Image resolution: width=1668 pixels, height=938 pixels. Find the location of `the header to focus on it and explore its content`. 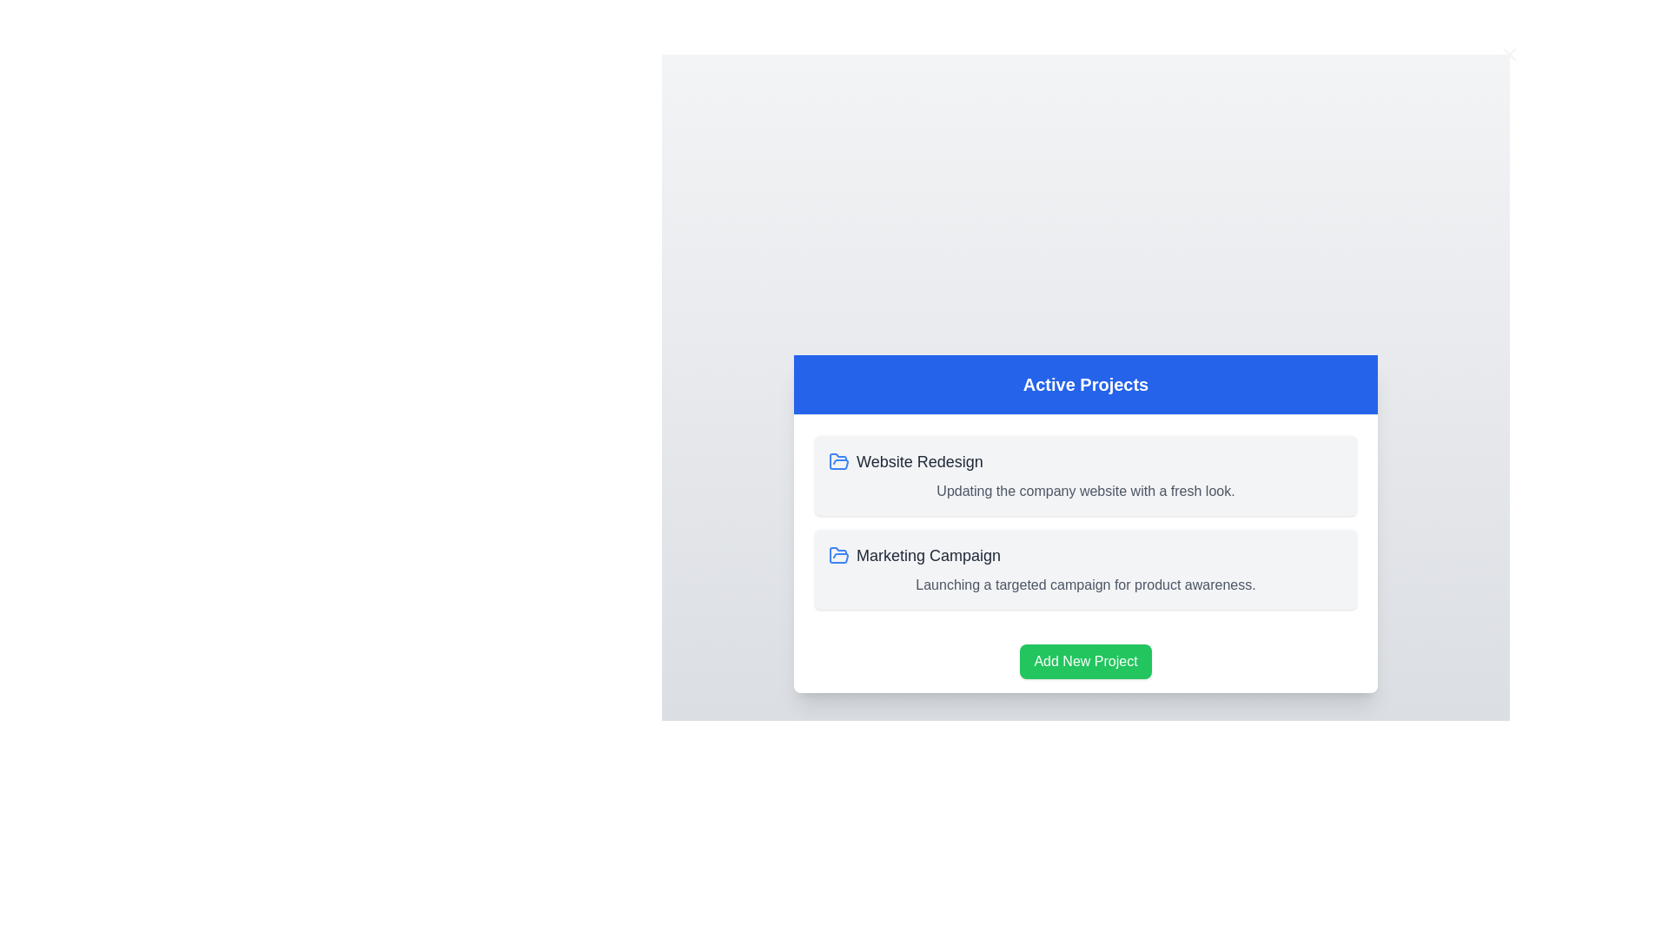

the header to focus on it and explore its content is located at coordinates (1084, 384).